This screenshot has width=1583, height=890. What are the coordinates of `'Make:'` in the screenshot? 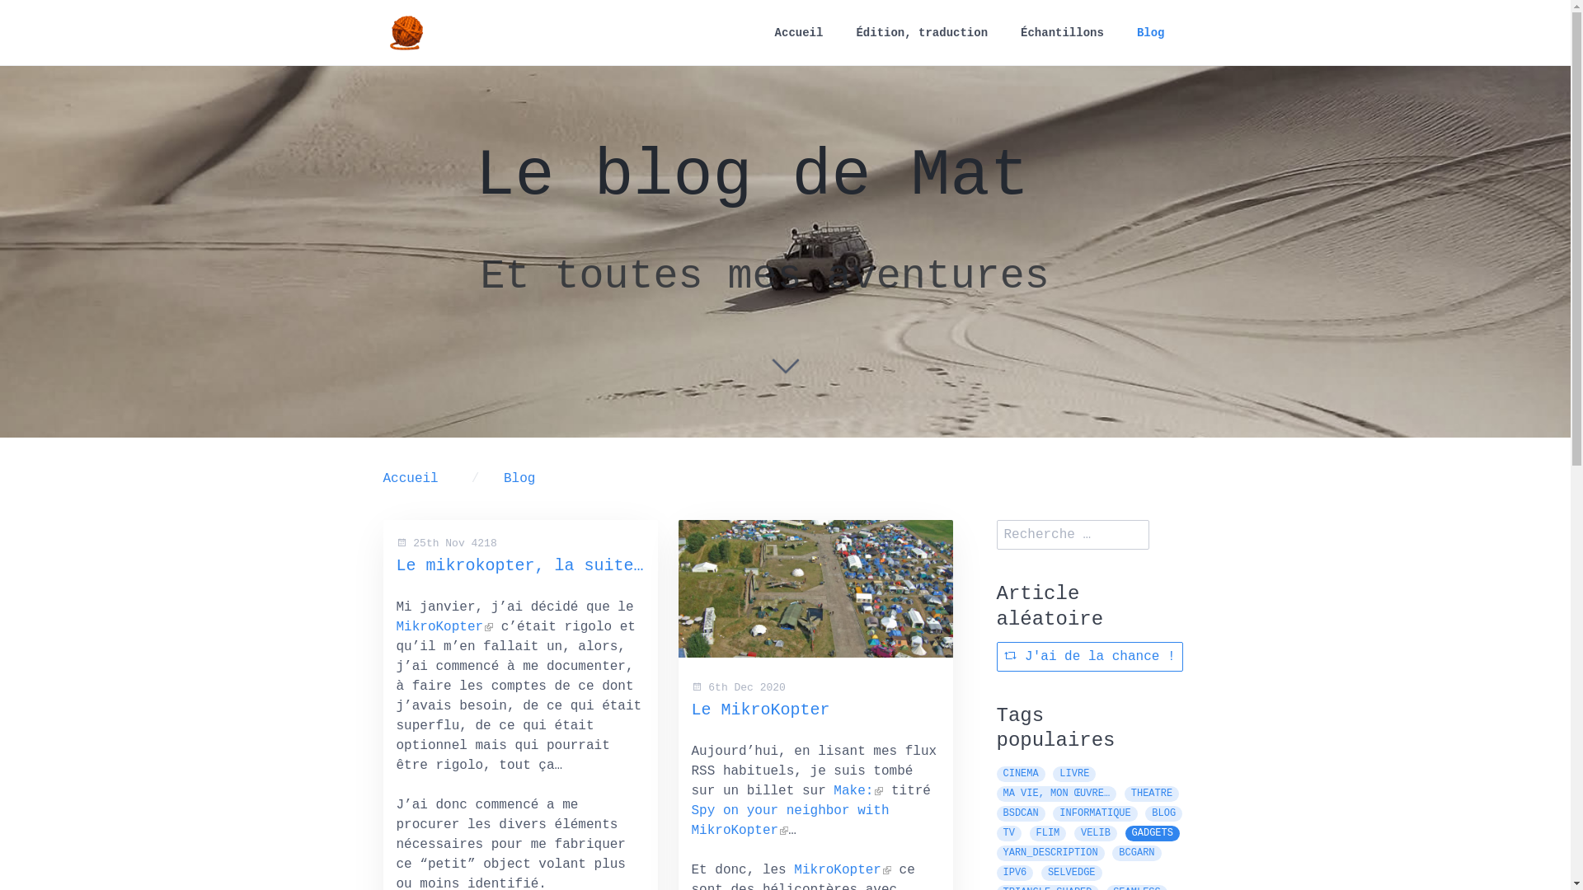 It's located at (857, 789).